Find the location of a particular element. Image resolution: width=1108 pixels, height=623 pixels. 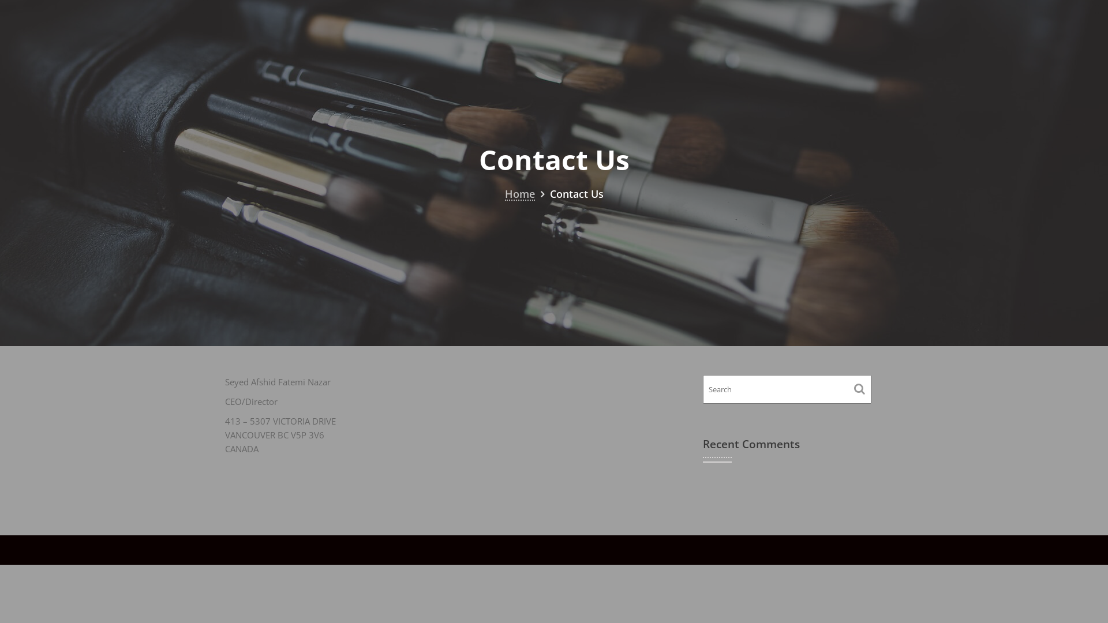

'Home' is located at coordinates (519, 193).